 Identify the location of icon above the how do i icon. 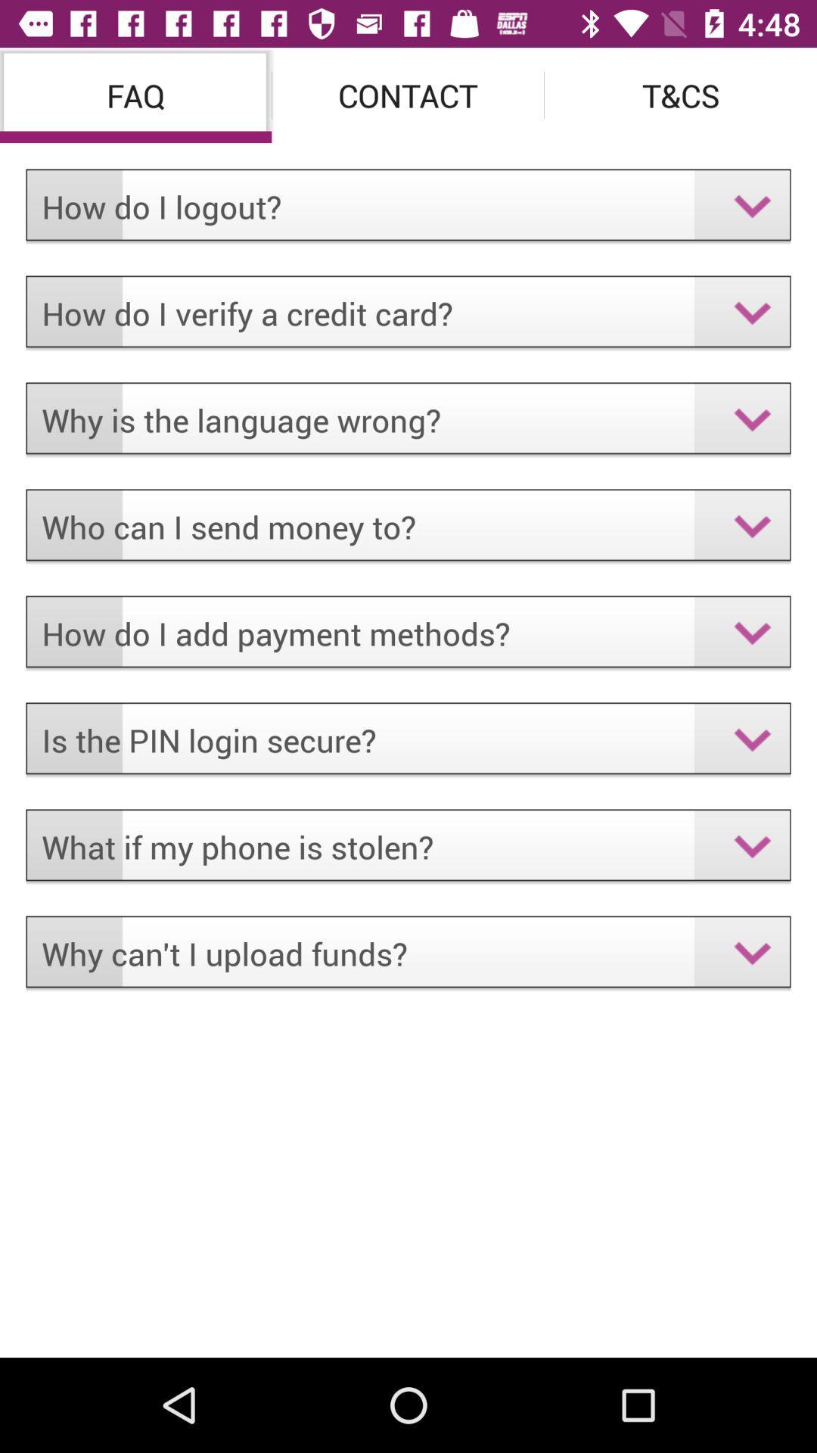
(679, 94).